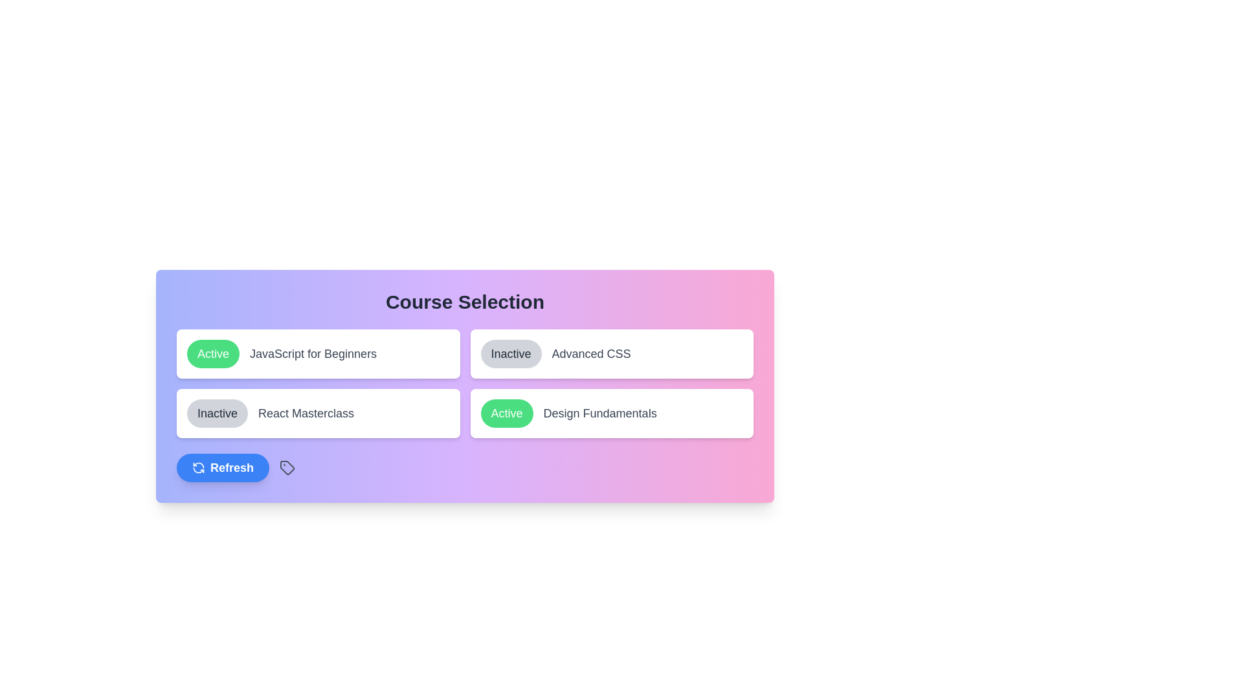 The image size is (1243, 699). What do you see at coordinates (599, 414) in the screenshot?
I see `the text label displaying 'Design Fundamentals', which is right-aligned next to a green 'Active' badge in the course selection interface` at bounding box center [599, 414].